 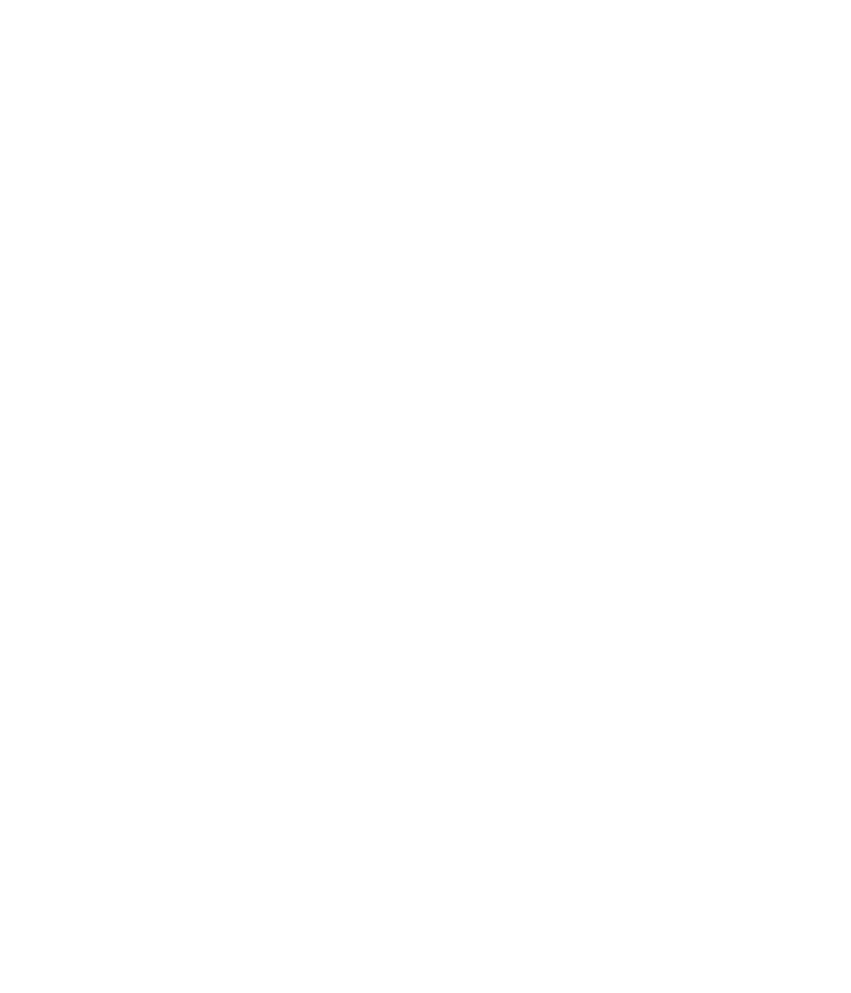 I want to click on 'California Privacy Rights', so click(x=644, y=803).